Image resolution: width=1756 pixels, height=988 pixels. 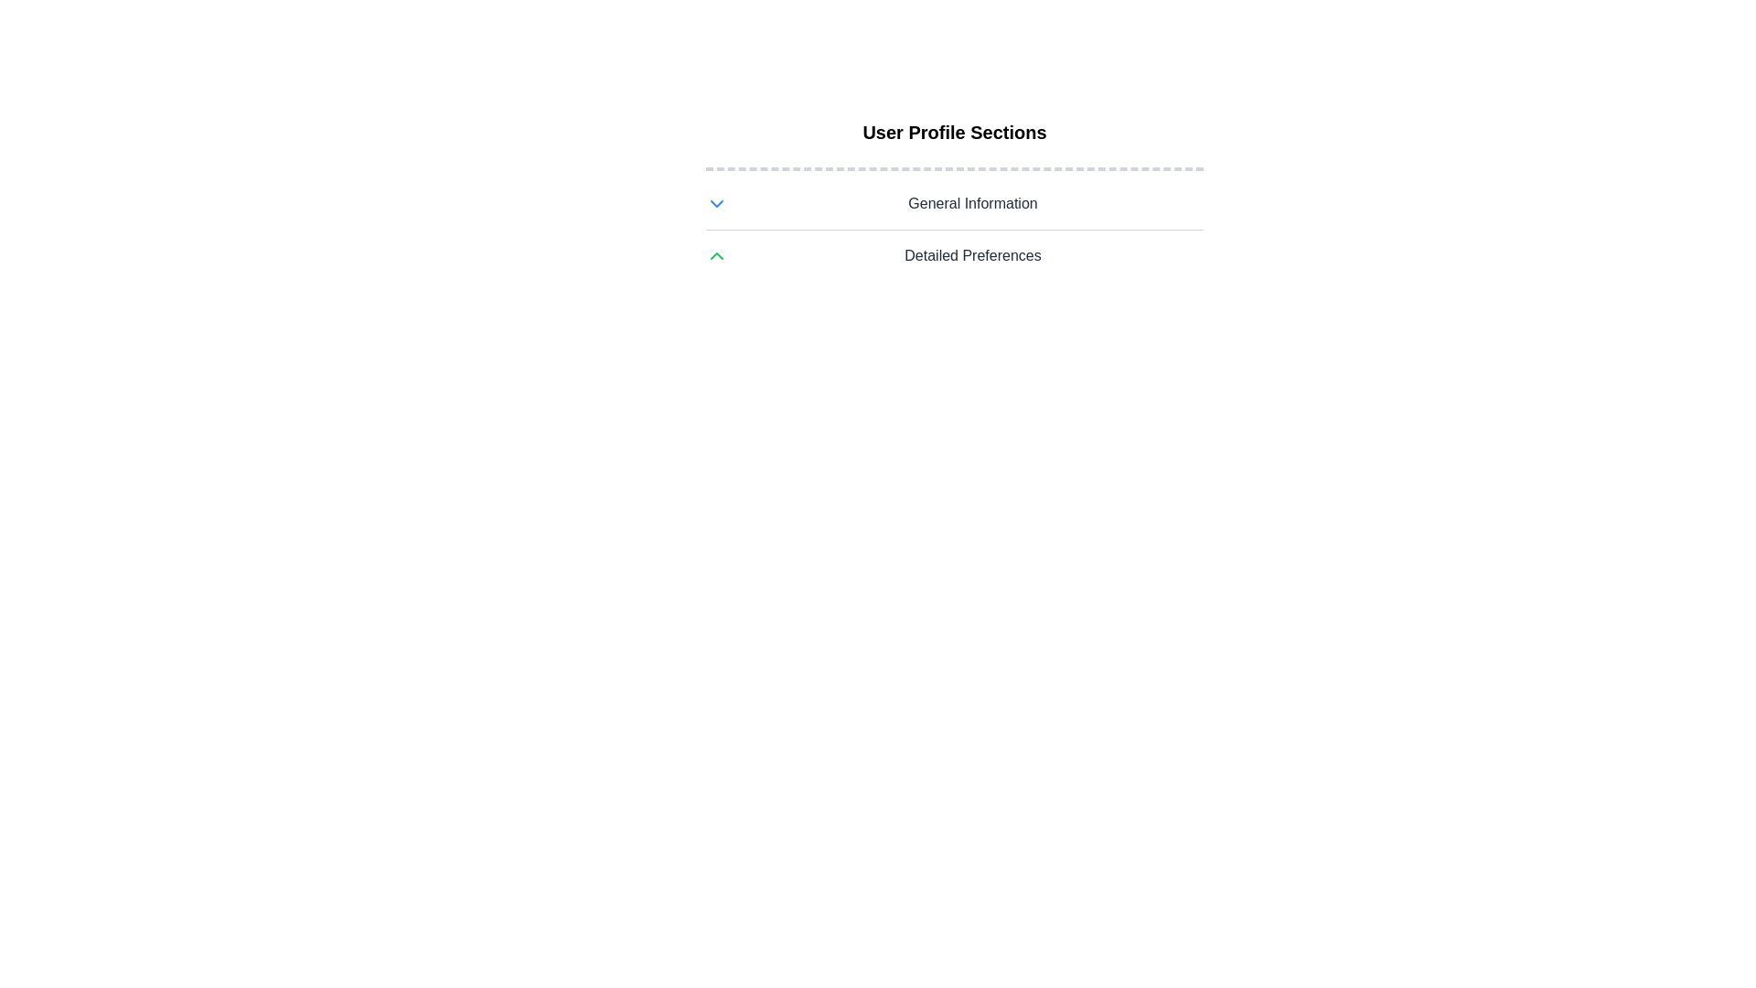 What do you see at coordinates (715, 256) in the screenshot?
I see `the upward-pointing green chevron icon to the left of 'Detailed Preferences'` at bounding box center [715, 256].